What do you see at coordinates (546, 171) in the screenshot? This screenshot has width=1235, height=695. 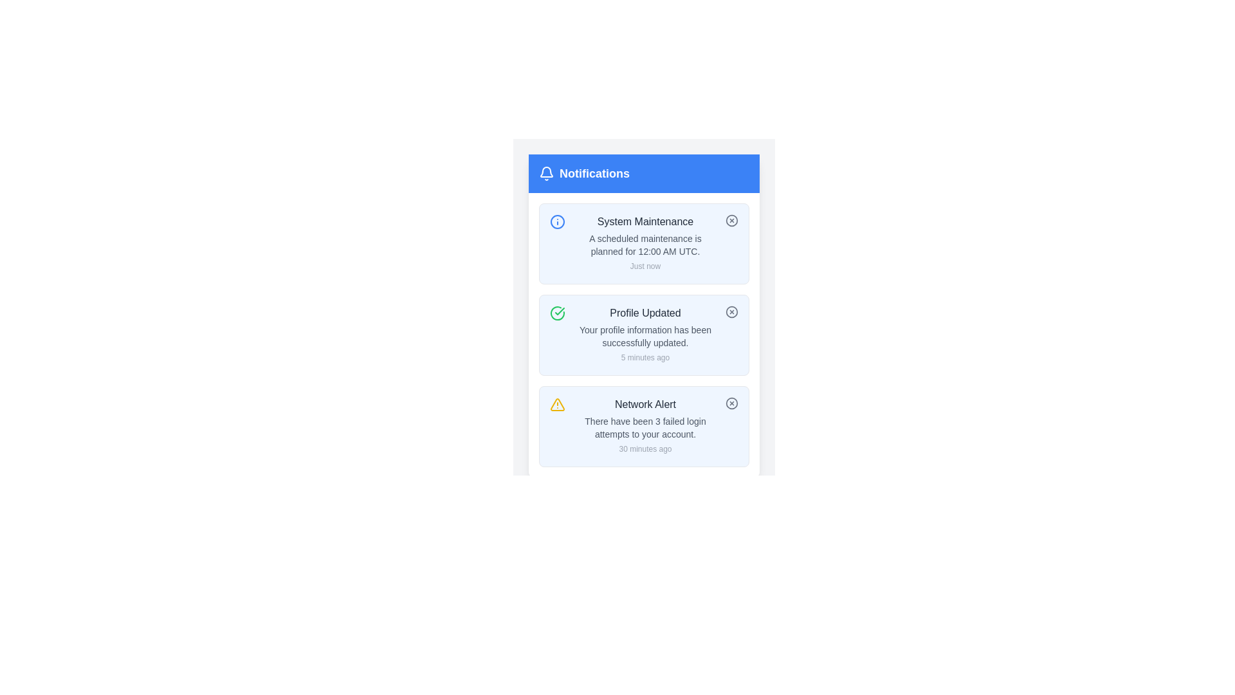 I see `the notification icon located in the notification header section, centered in the top bar above the list of notifications` at bounding box center [546, 171].